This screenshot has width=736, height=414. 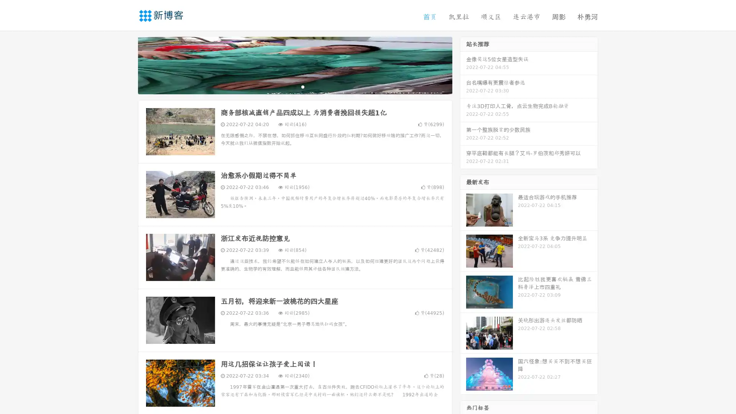 What do you see at coordinates (302, 86) in the screenshot?
I see `Go to slide 3` at bounding box center [302, 86].